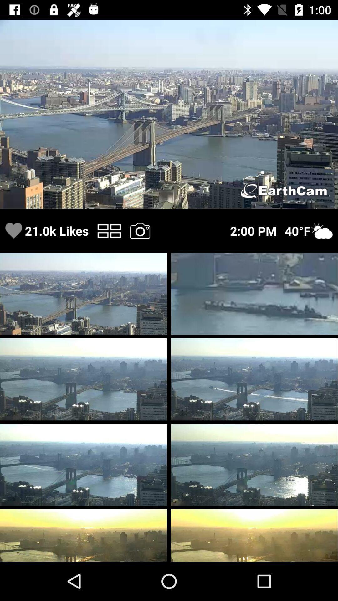 The width and height of the screenshot is (338, 601). What do you see at coordinates (140, 230) in the screenshot?
I see `closed` at bounding box center [140, 230].